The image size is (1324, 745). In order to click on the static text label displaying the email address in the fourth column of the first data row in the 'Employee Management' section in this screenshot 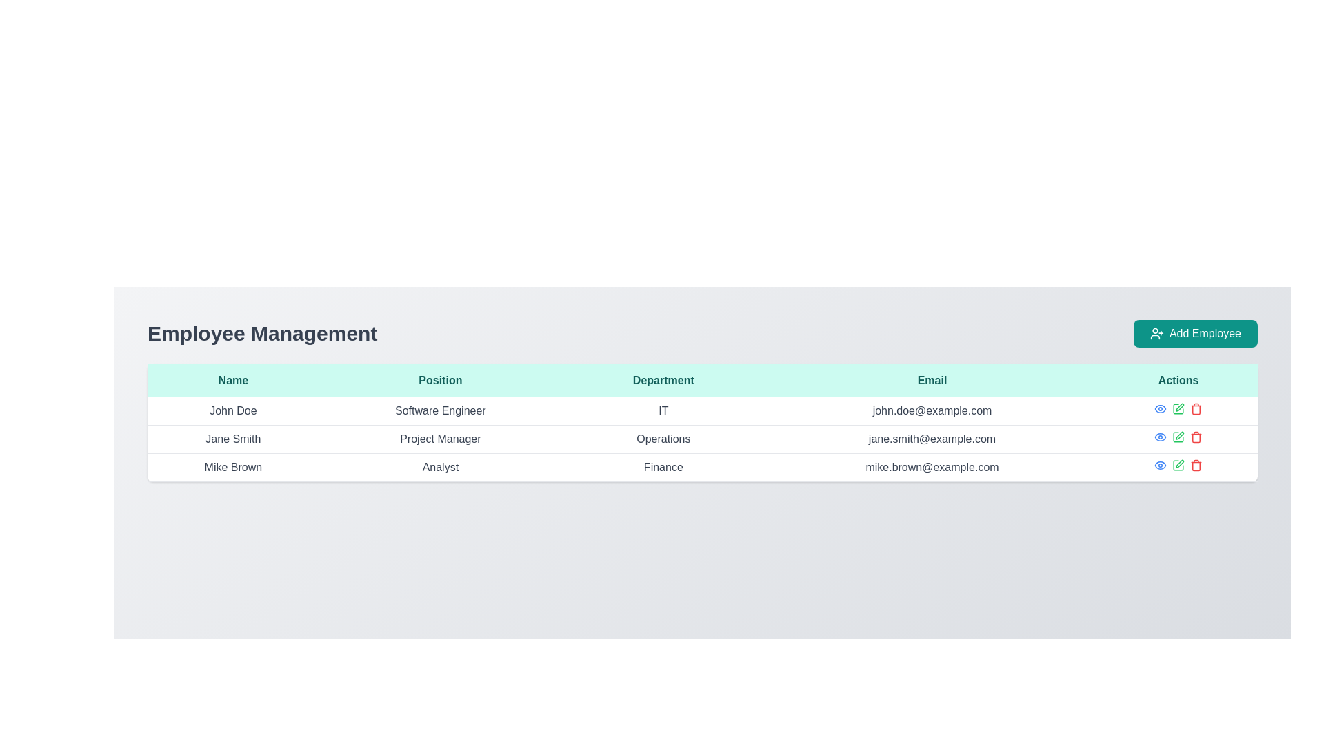, I will do `click(932, 410)`.